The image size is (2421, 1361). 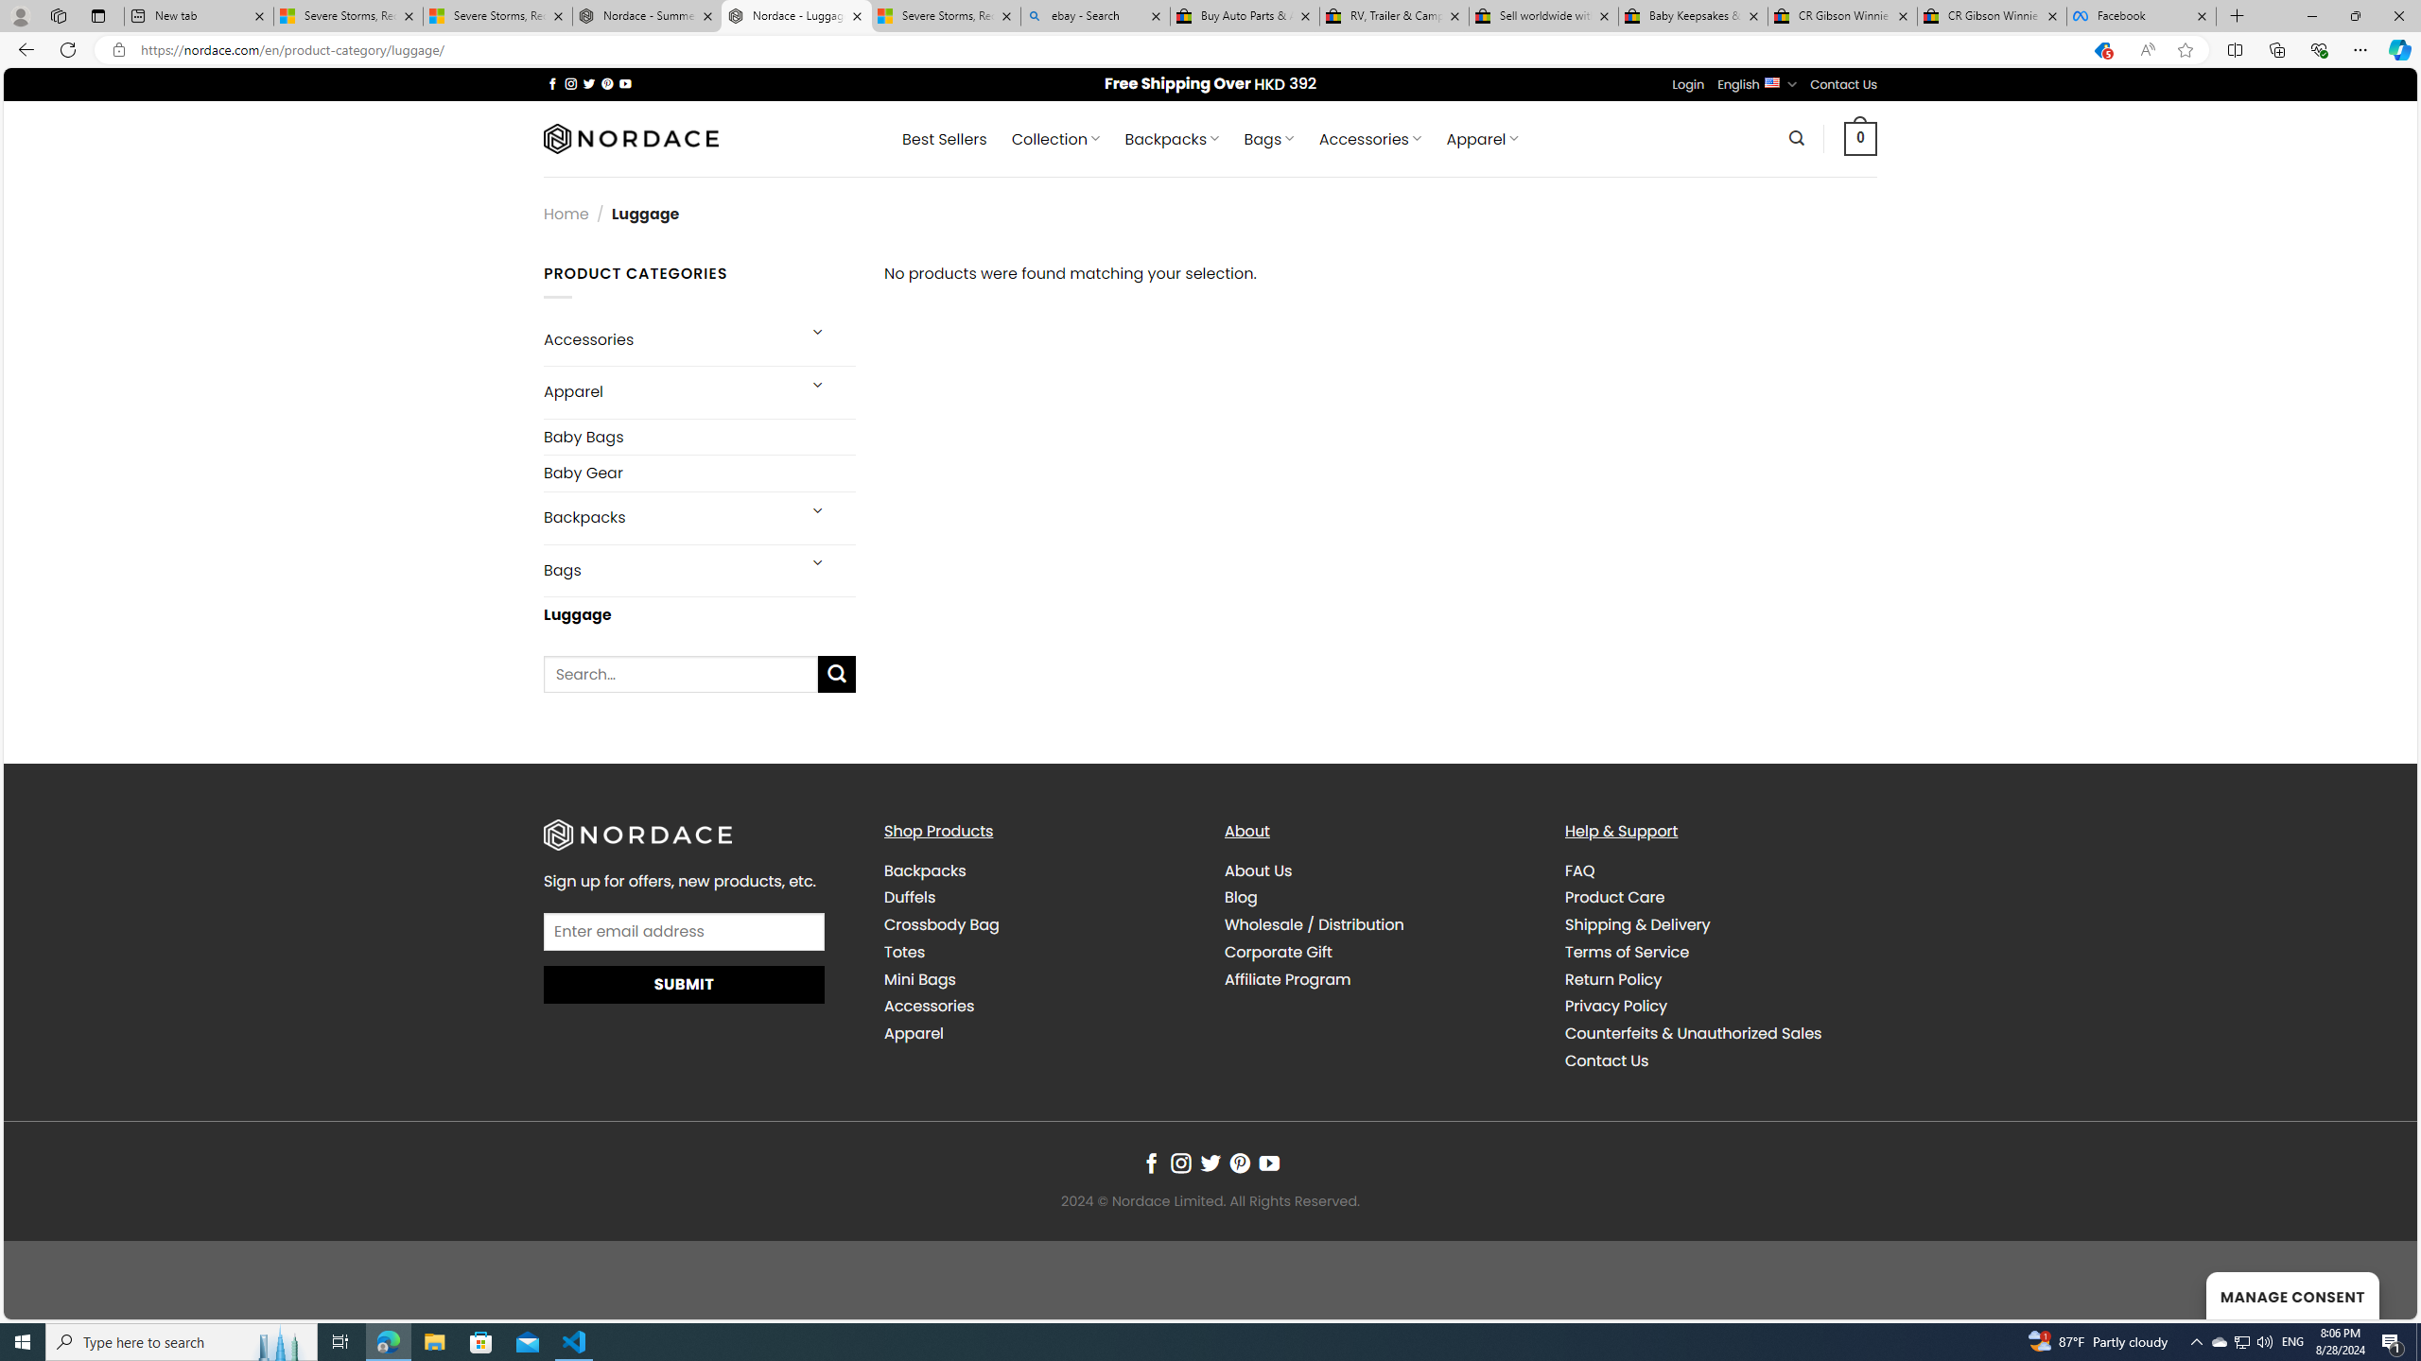 What do you see at coordinates (701, 472) in the screenshot?
I see `'Baby Gear'` at bounding box center [701, 472].